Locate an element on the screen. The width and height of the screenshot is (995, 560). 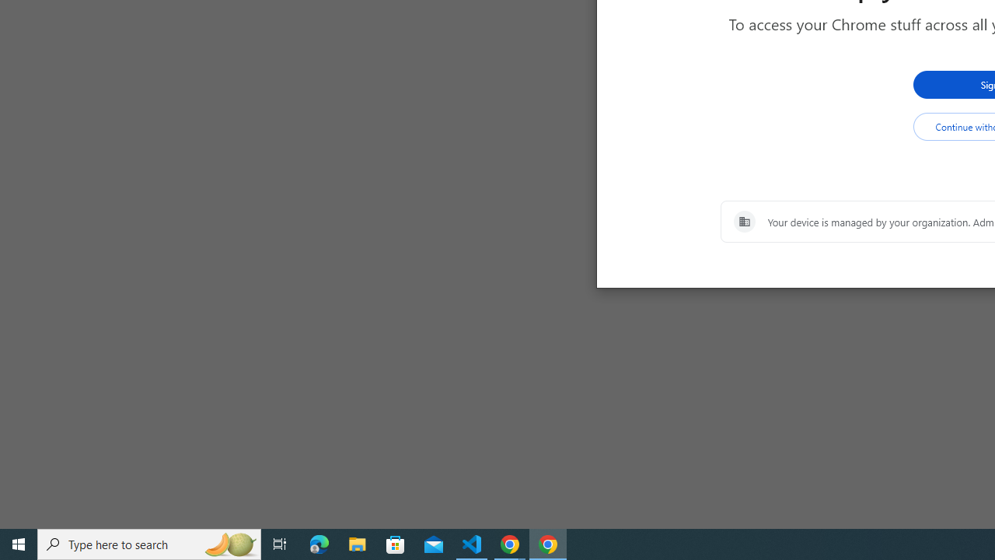
'Start' is located at coordinates (19, 543).